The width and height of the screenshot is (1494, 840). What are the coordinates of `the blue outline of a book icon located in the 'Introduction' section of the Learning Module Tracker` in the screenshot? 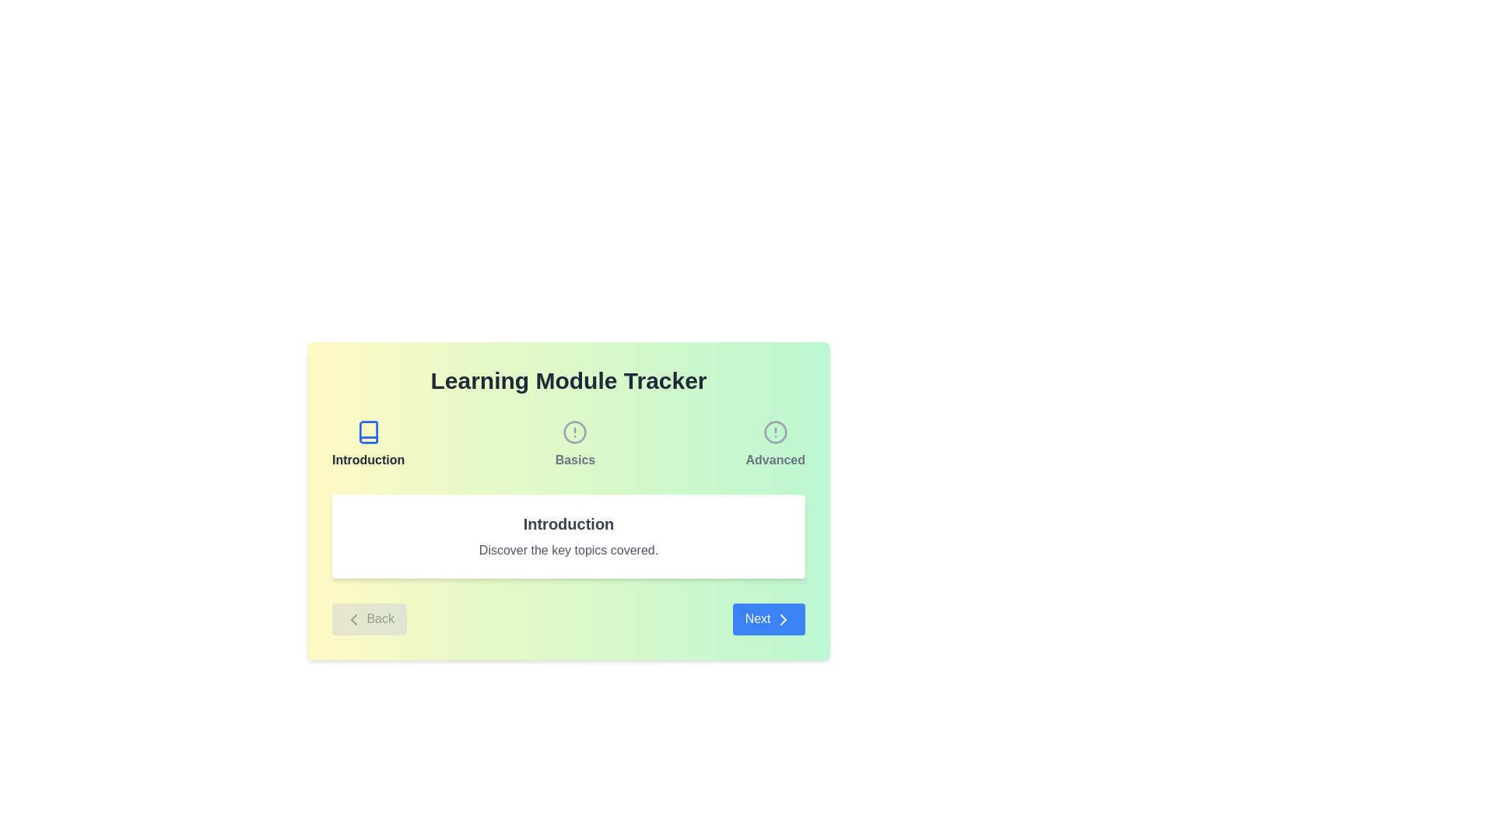 It's located at (367, 432).